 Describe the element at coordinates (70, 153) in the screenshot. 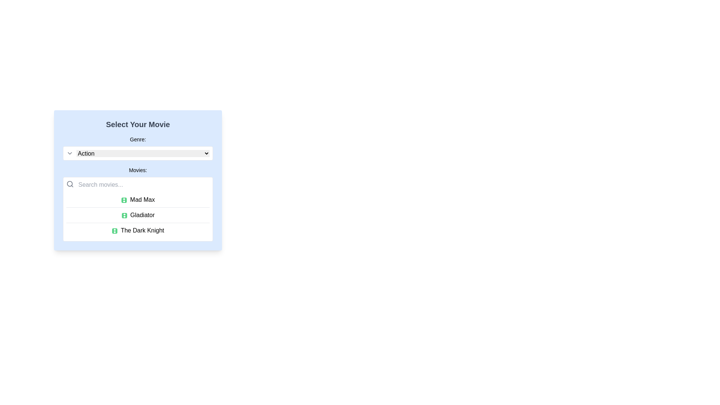

I see `the gray downward-pointing chevron icon located to the left of the text 'Action' in the dropdown labeled 'Genre'` at that location.